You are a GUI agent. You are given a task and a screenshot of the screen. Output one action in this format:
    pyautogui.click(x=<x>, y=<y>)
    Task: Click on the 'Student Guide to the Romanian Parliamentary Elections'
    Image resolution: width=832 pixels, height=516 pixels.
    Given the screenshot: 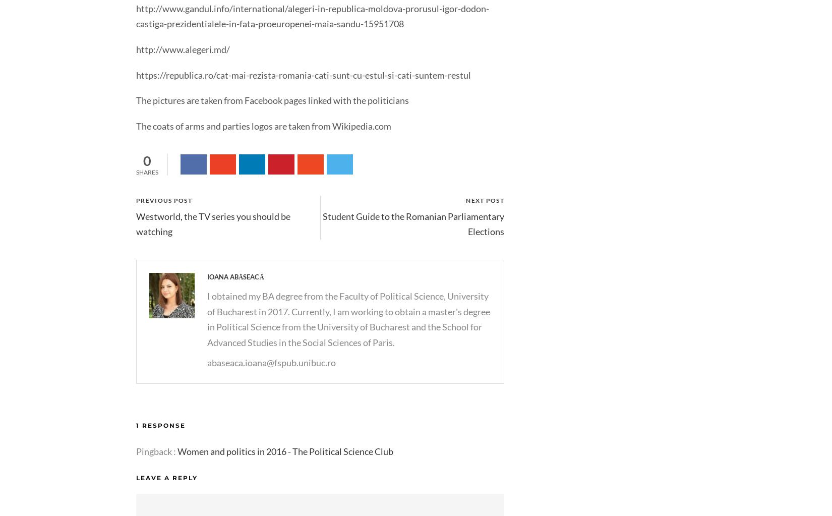 What is the action you would take?
    pyautogui.click(x=413, y=223)
    